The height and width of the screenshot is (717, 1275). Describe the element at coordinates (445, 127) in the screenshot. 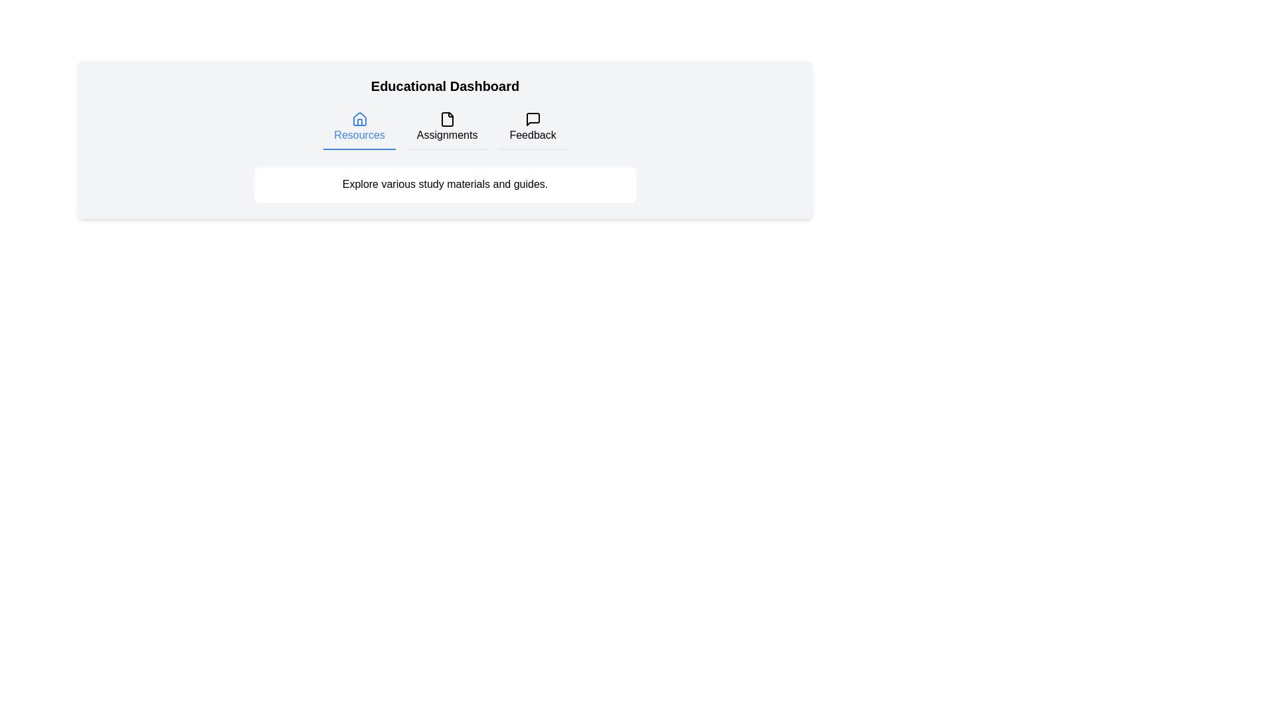

I see `the Navigation Tab Bar at the center point to switch to the corresponding section of resources, assignments, or feedback` at that location.